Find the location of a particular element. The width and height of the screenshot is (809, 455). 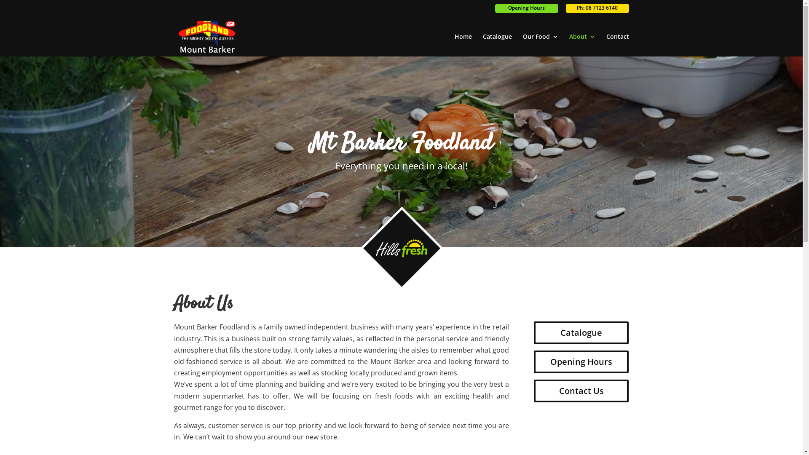

'About' is located at coordinates (581, 45).